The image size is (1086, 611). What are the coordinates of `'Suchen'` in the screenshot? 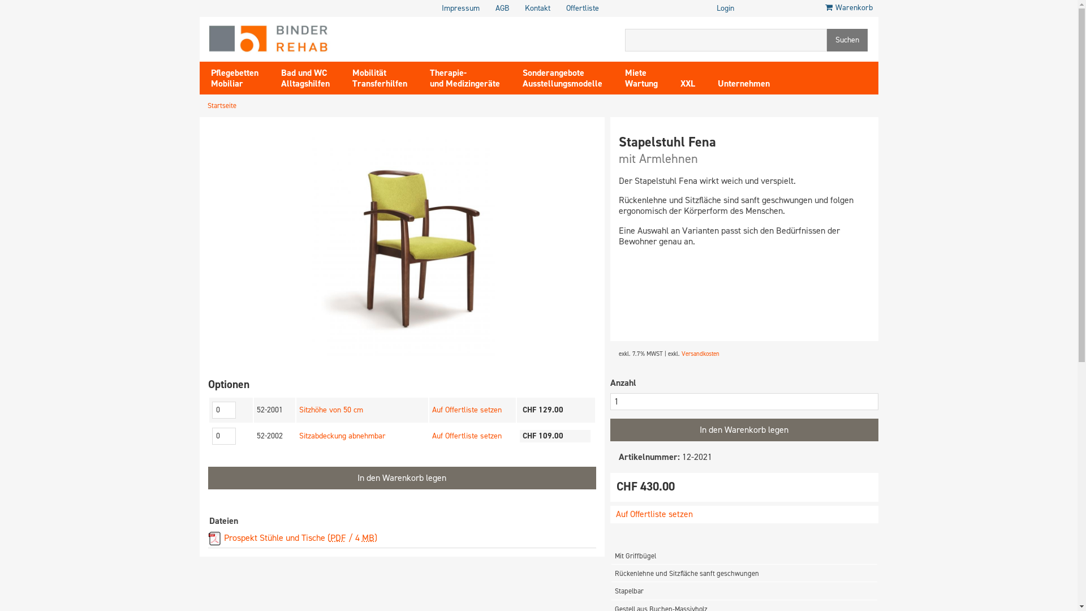 It's located at (847, 39).